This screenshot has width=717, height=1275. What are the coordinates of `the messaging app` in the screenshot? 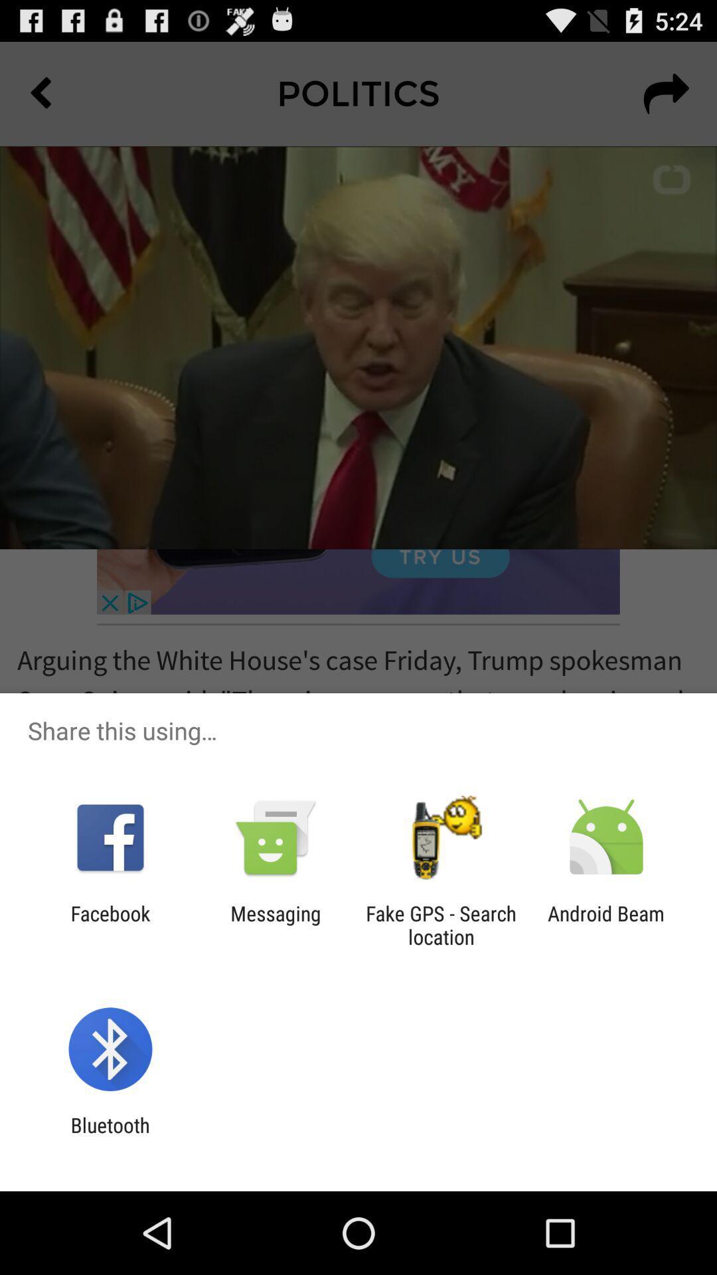 It's located at (275, 924).